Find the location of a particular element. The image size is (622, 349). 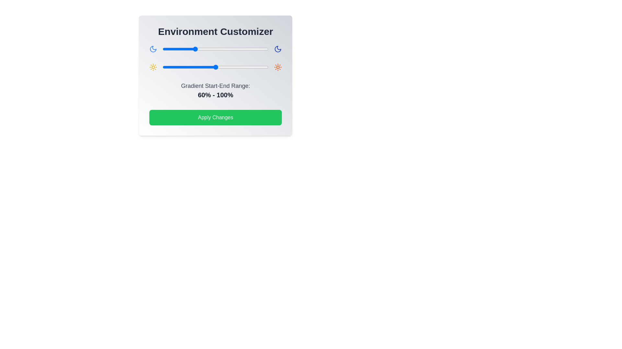

the gradient slider 0 to 47 is located at coordinates (187, 48).